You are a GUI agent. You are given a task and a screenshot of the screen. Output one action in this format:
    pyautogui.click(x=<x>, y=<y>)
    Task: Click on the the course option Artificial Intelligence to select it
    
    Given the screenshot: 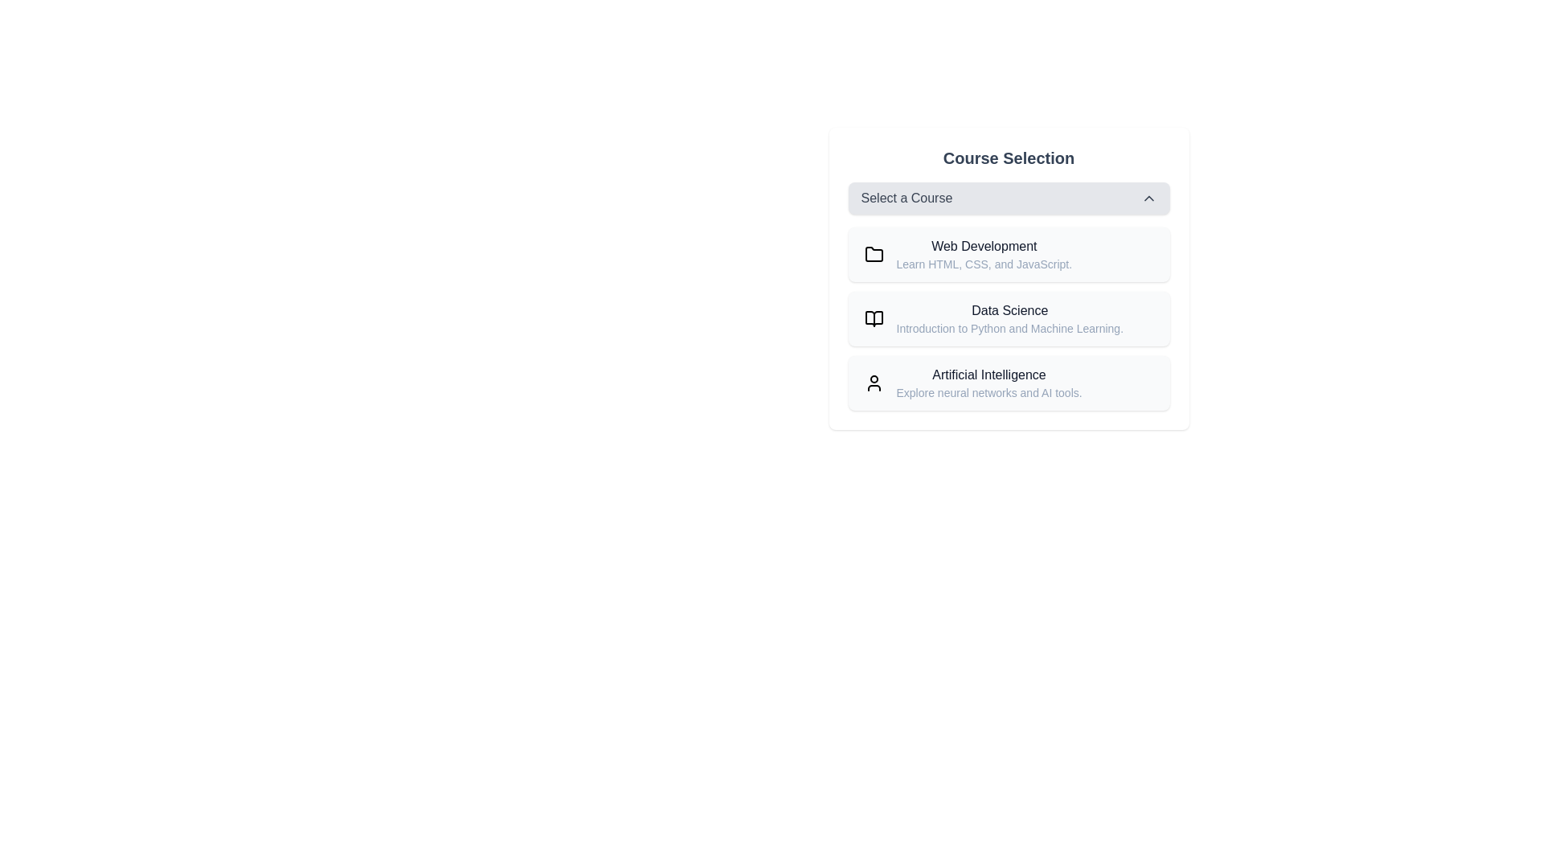 What is the action you would take?
    pyautogui.click(x=1008, y=383)
    